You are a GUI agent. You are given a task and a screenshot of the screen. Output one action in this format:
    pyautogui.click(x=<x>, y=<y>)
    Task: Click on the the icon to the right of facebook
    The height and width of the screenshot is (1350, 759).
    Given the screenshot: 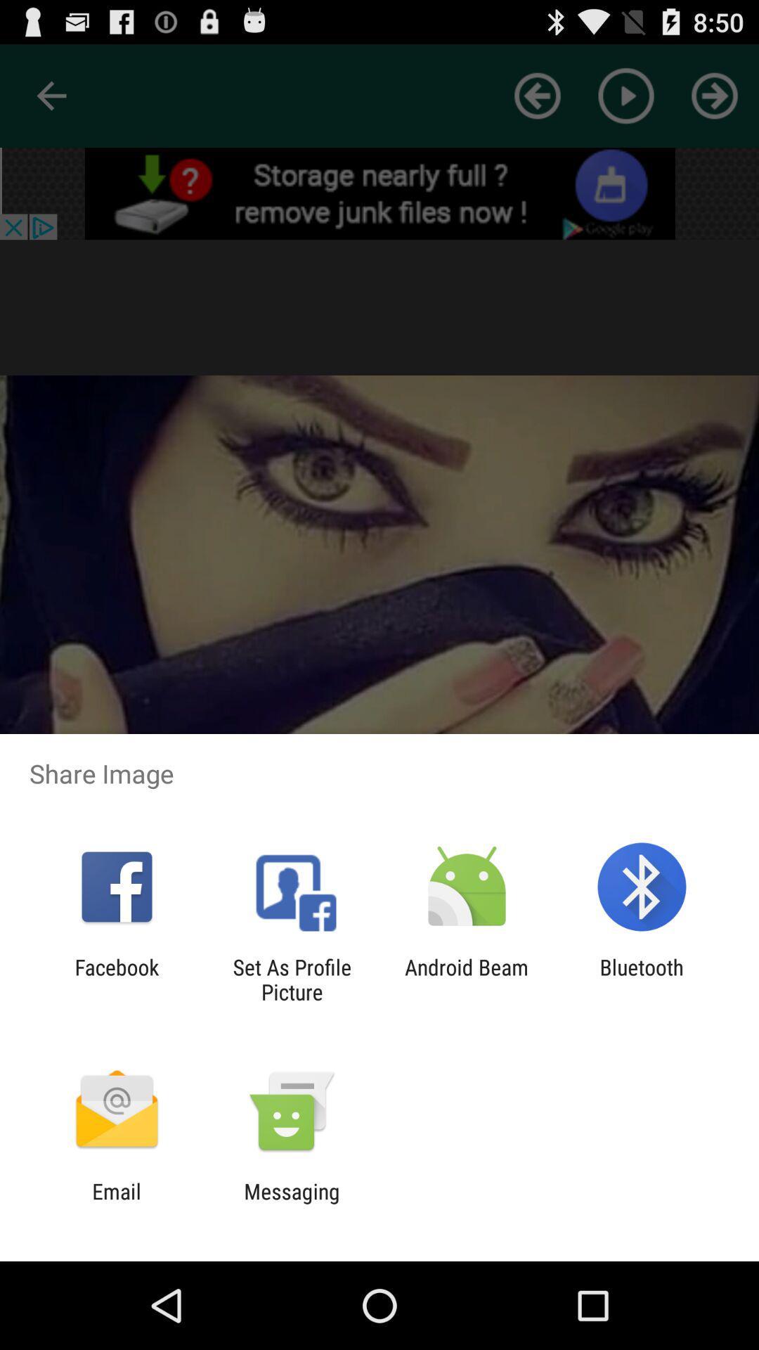 What is the action you would take?
    pyautogui.click(x=291, y=979)
    